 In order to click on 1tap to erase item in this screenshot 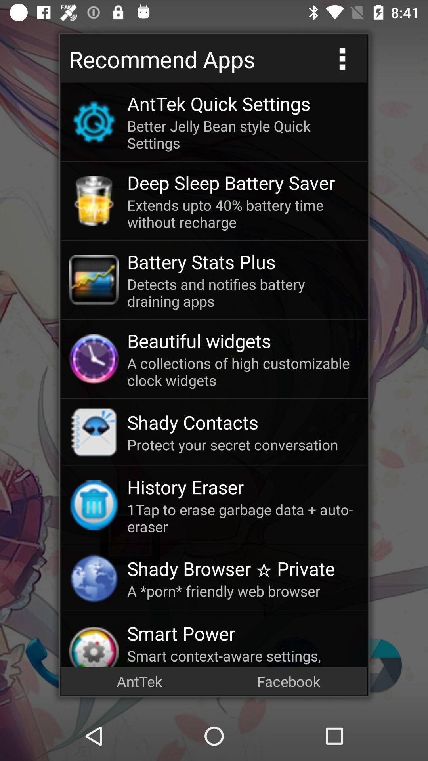, I will do `click(243, 518)`.